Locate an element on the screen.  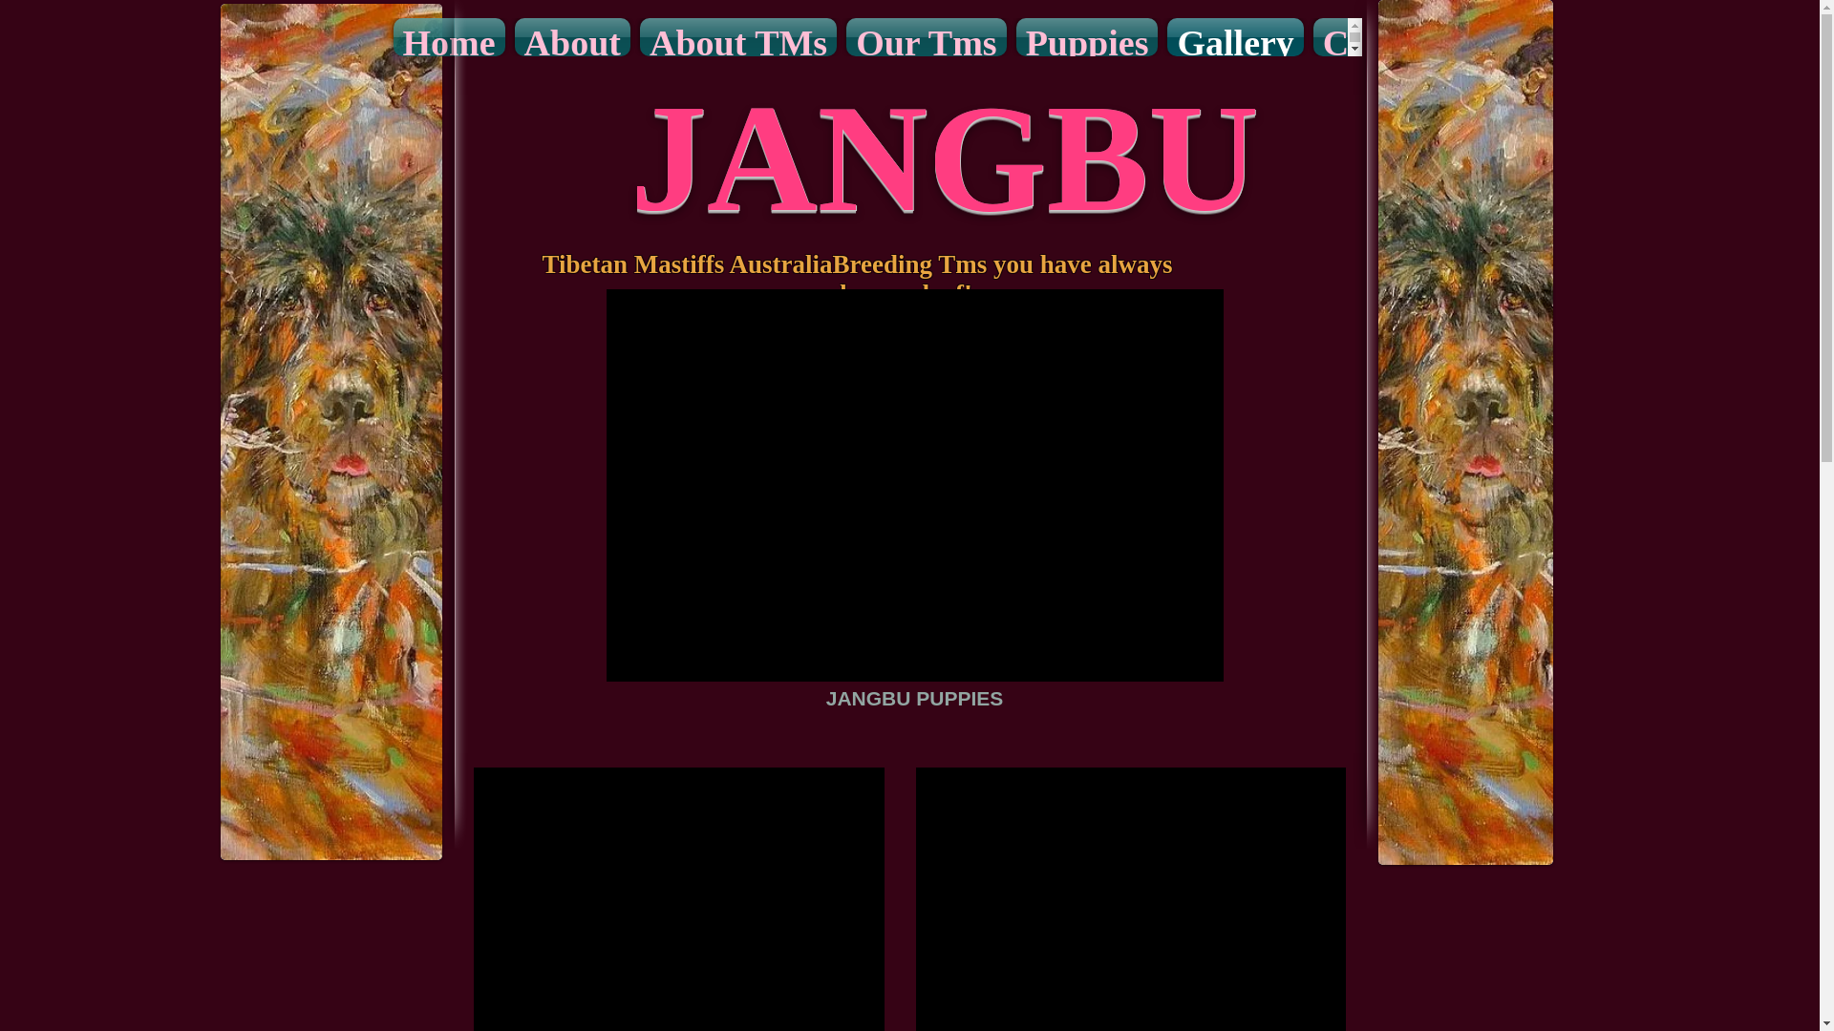
'Contact' is located at coordinates (1381, 36).